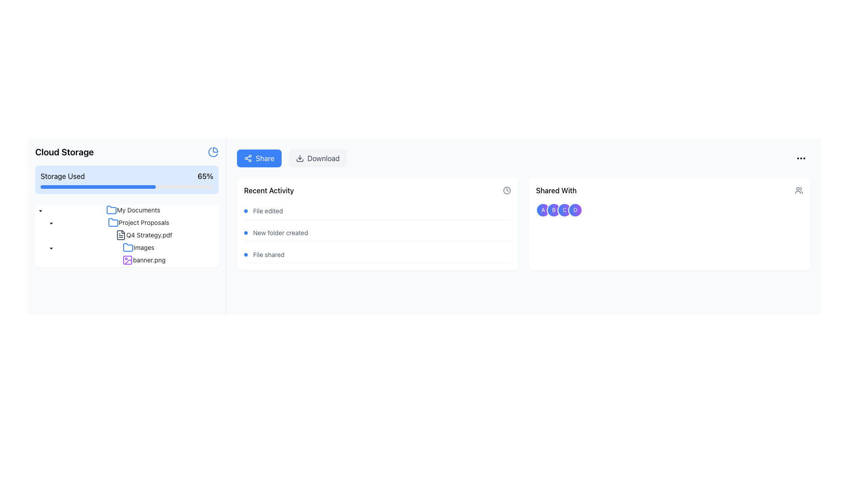 The width and height of the screenshot is (857, 482). What do you see at coordinates (62, 176) in the screenshot?
I see `the 'Storage Used' label, which is bold and positioned near the top left of the progress bar in the cloud storage interface` at bounding box center [62, 176].